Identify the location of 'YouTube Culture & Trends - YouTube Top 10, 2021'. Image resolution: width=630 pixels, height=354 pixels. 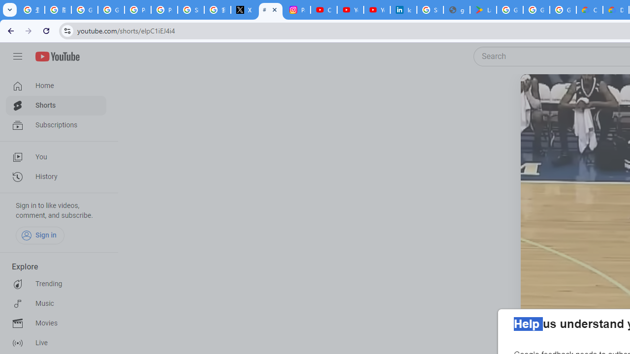
(377, 10).